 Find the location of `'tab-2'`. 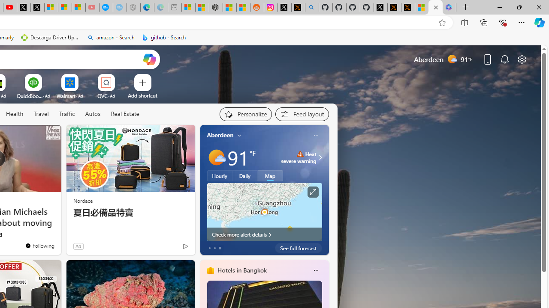

'tab-2' is located at coordinates (220, 248).